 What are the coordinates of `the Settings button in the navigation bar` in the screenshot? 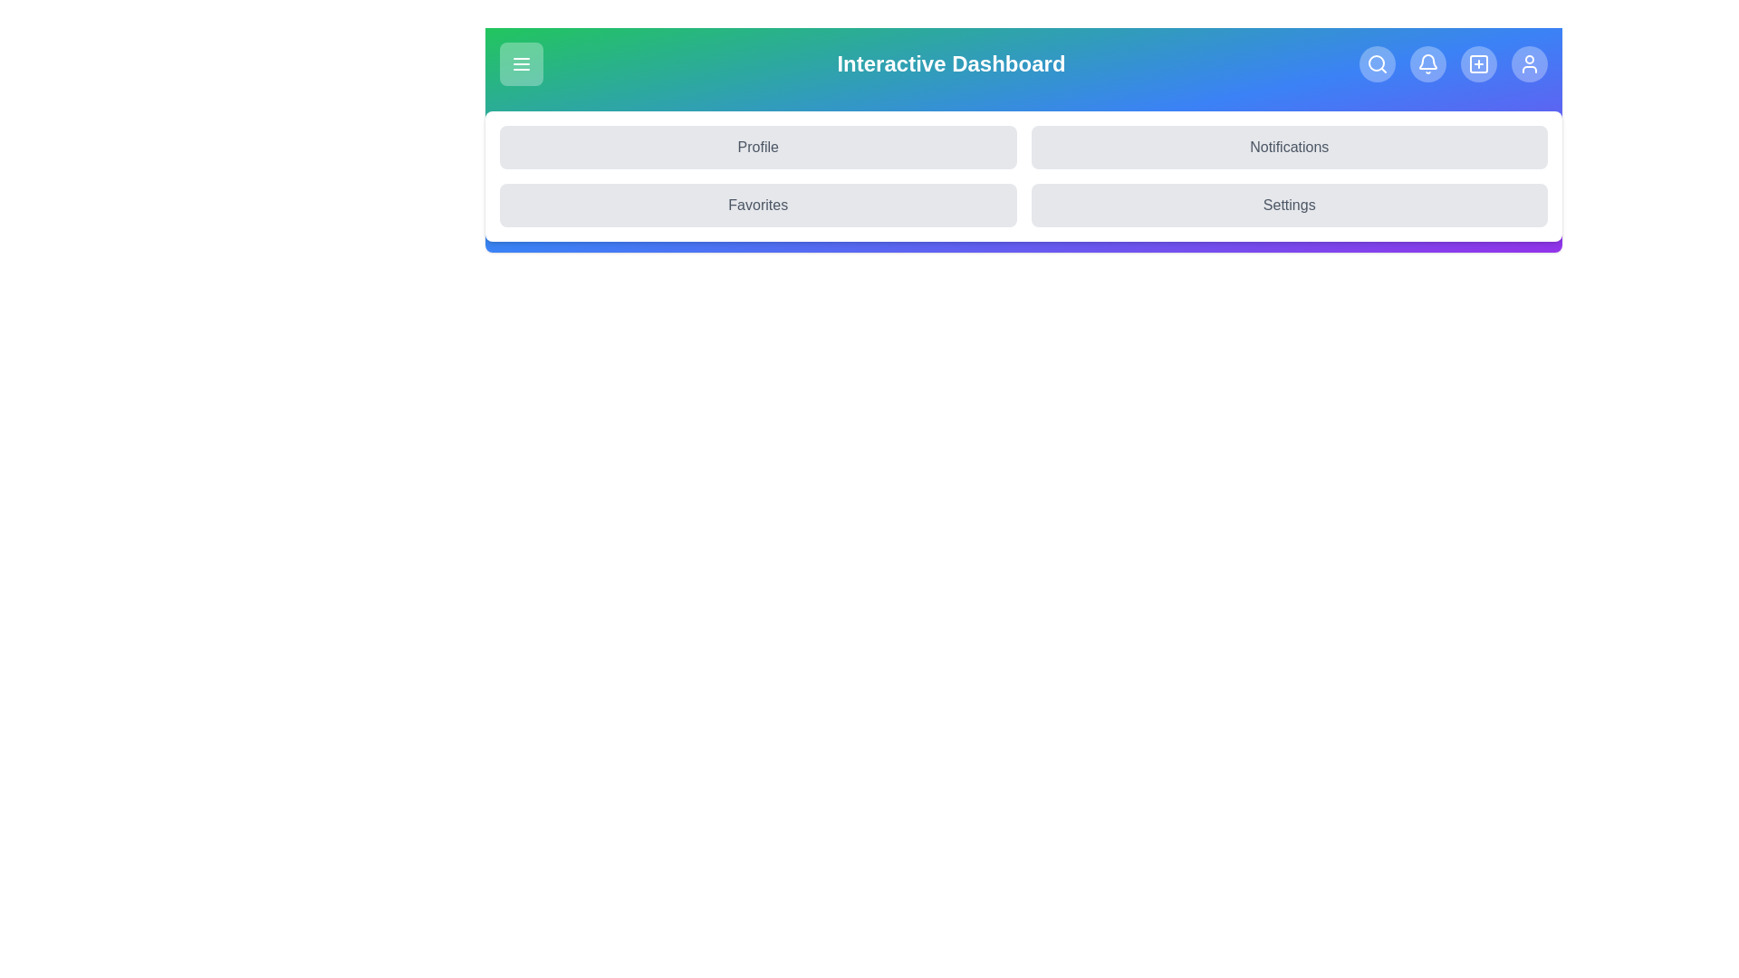 It's located at (1288, 205).